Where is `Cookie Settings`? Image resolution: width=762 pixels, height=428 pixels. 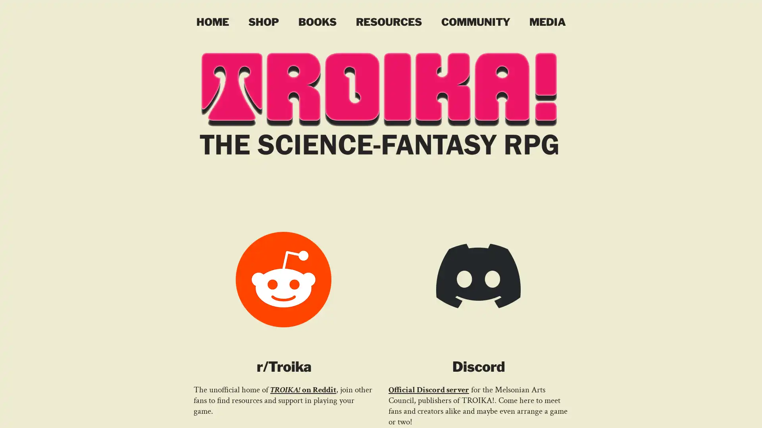
Cookie Settings is located at coordinates (676, 414).